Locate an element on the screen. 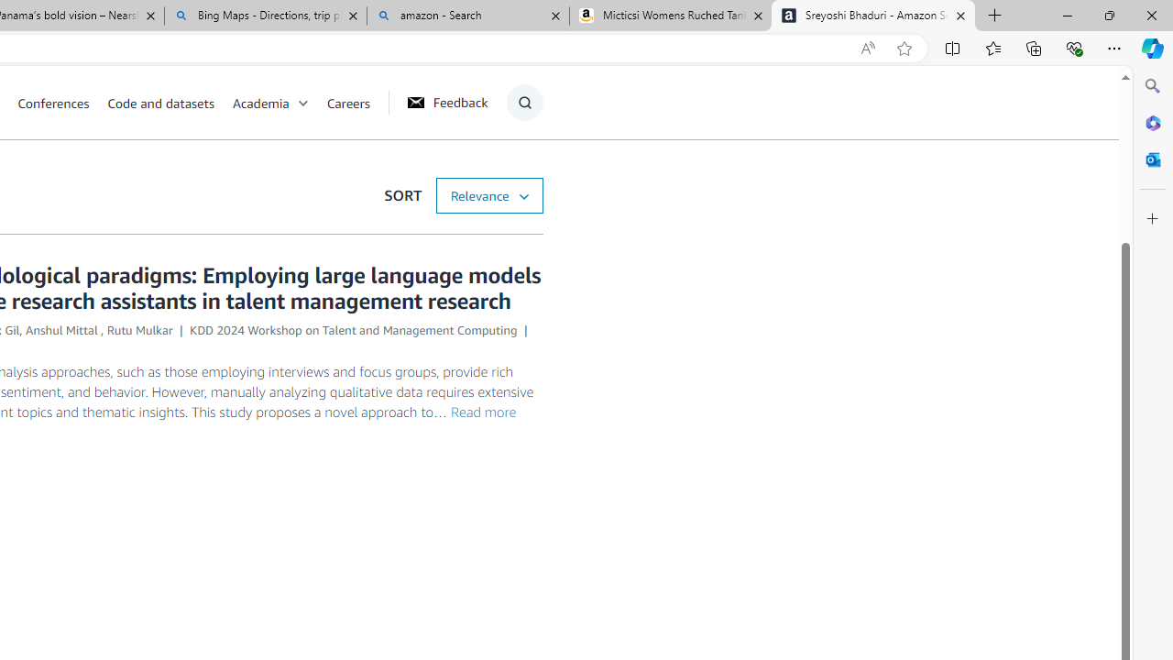 This screenshot has height=660, width=1173. 'Academia' is located at coordinates (259, 102).